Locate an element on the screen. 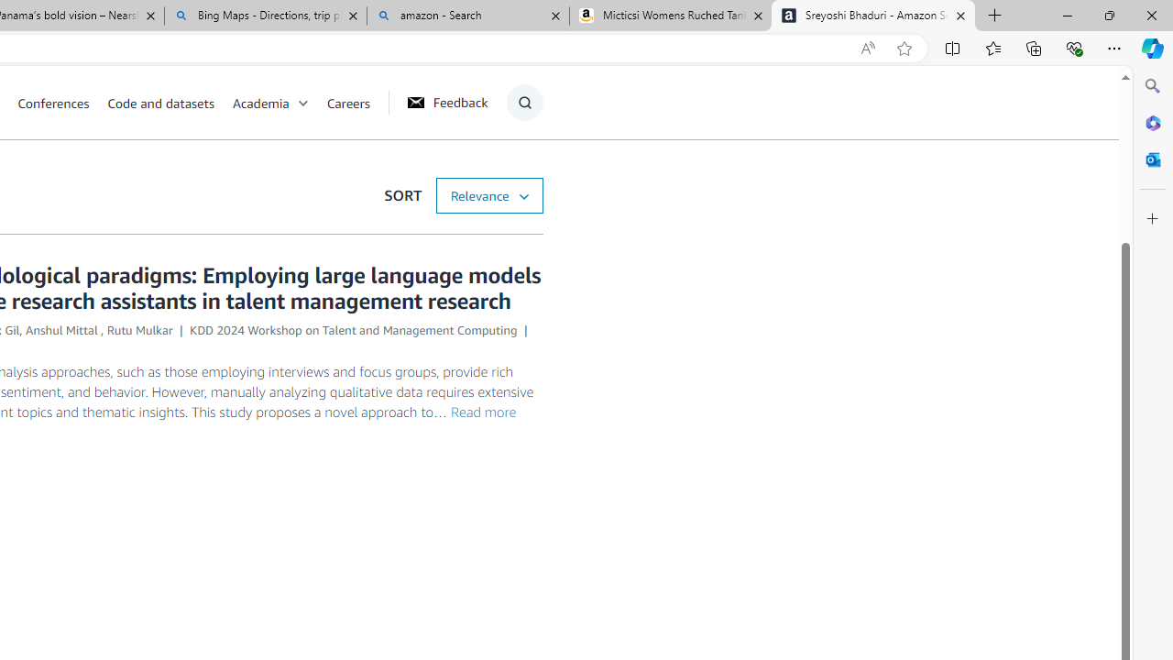 This screenshot has height=660, width=1173. 'Academia' is located at coordinates (259, 102).